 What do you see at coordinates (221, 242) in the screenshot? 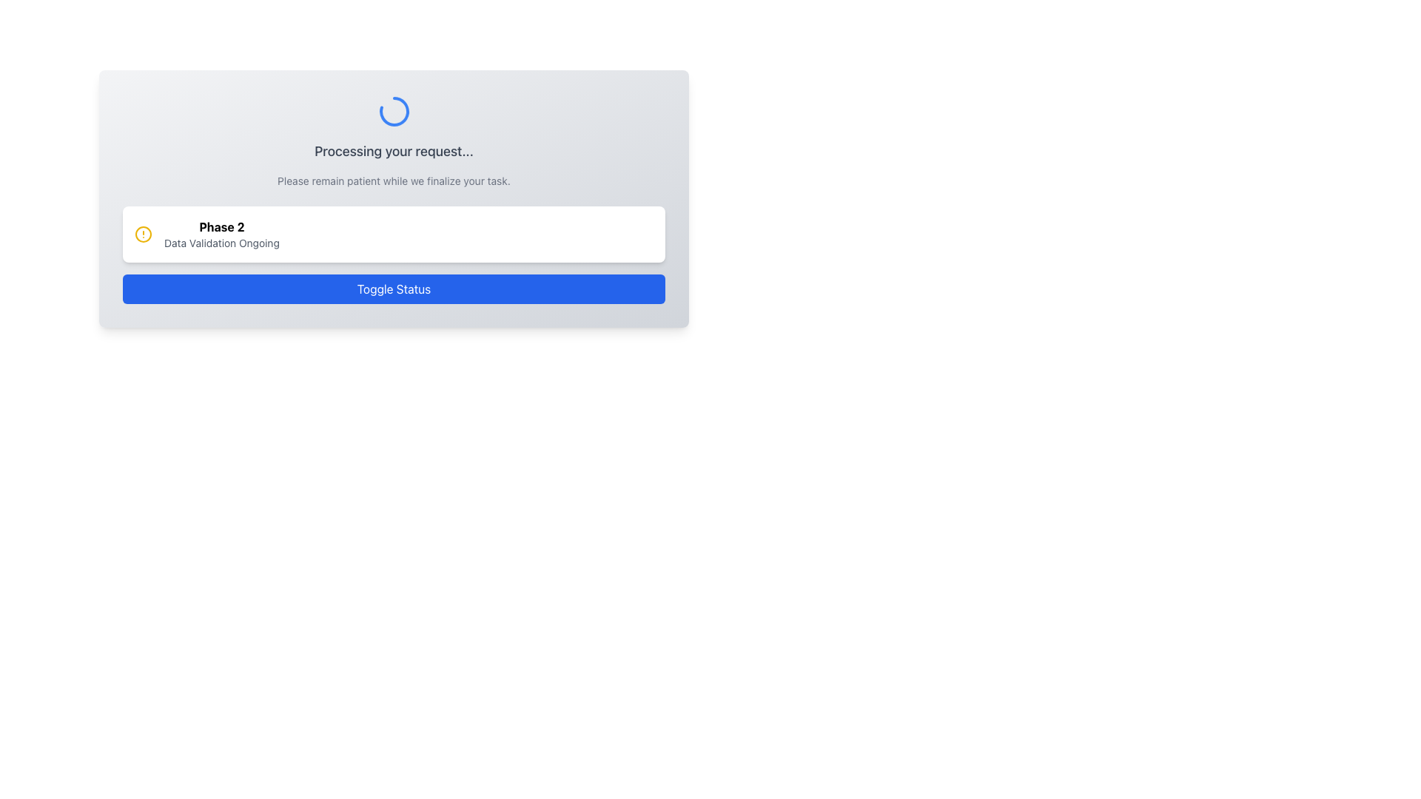
I see `the Text Label that displays 'Data Validation Ongoing', which is positioned directly below the 'Phase 2' text in a smaller gray font` at bounding box center [221, 242].